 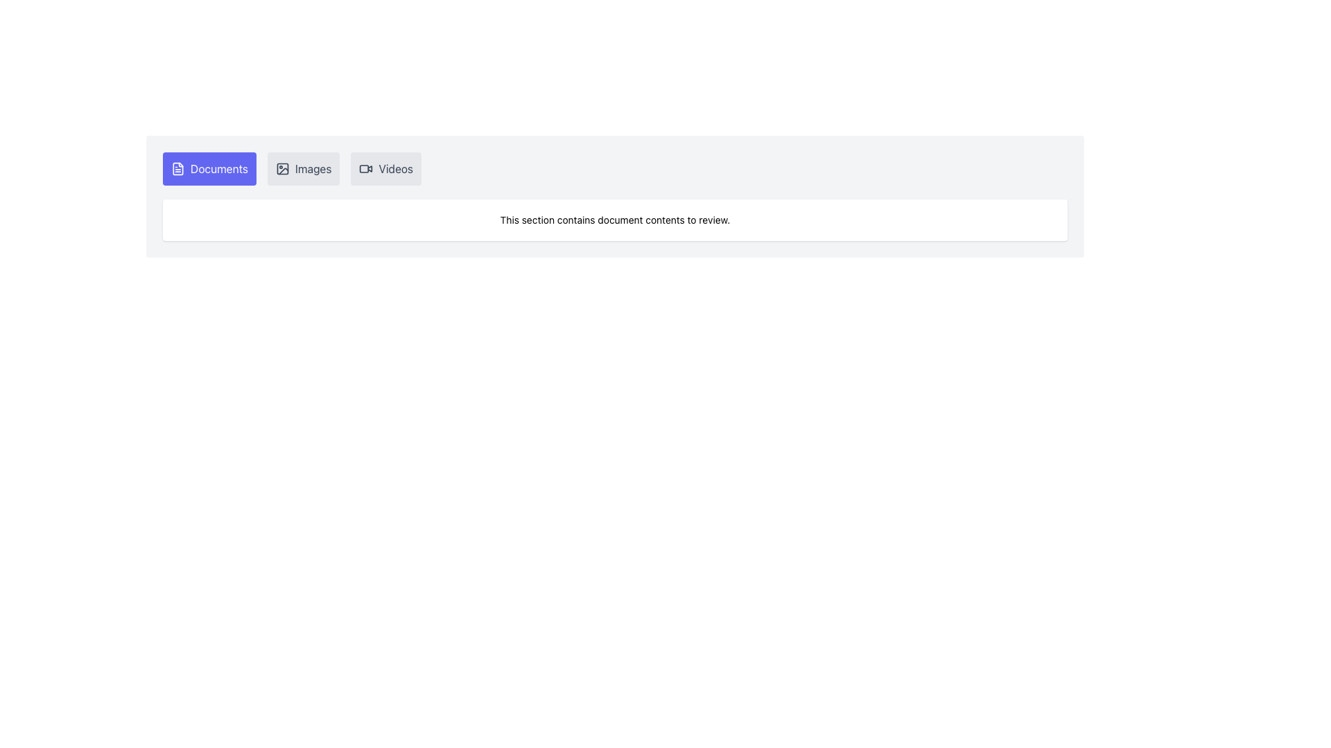 I want to click on the 'Images' button, which is the second button in the horizontal list between 'Documents' and 'Videos', so click(x=313, y=168).